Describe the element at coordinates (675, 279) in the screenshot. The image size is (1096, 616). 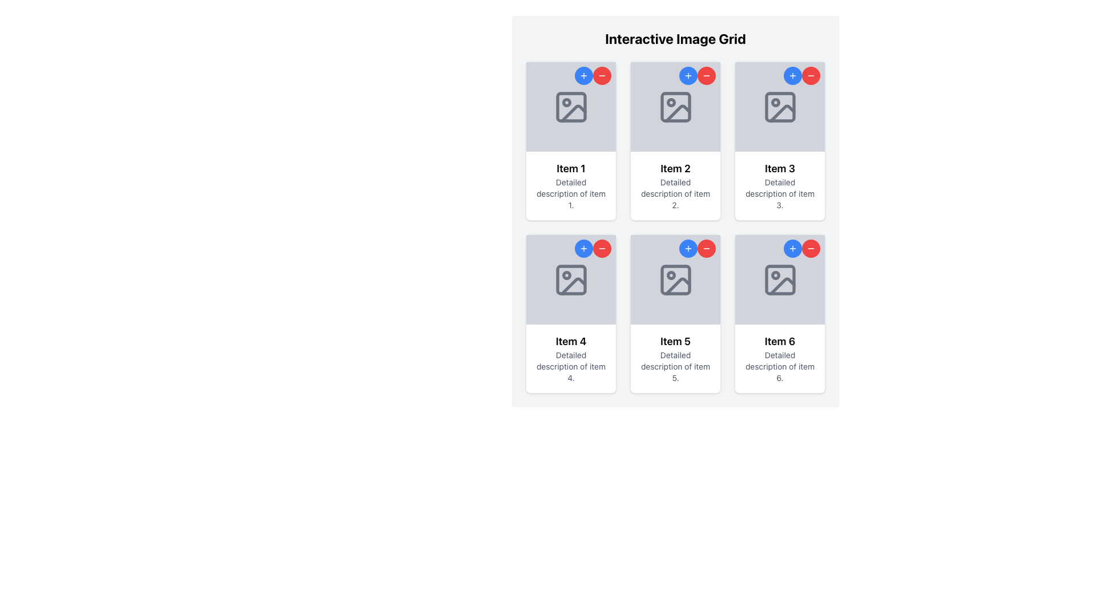
I see `the image placeholder in the grid layout located under 'Interactive Image Grid', specifically in the second row, second column, adjacent to 'Item 4' and 'Item 6'` at that location.